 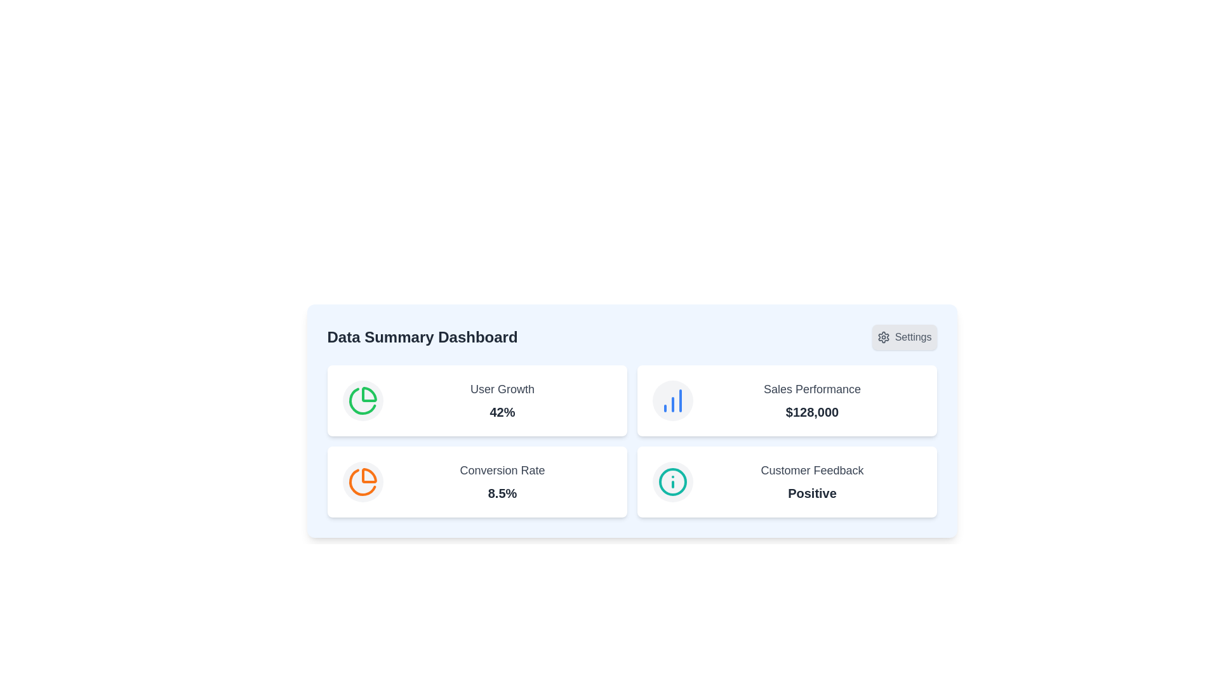 I want to click on static textual display showing the percentage value for user growth, located centrally in the upper-left quadrant of the dashboard, below the label 'User Growth', so click(x=502, y=412).